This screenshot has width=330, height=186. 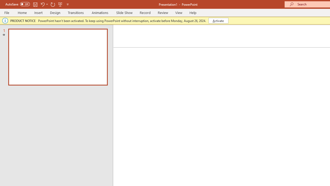 I want to click on 'Home', so click(x=22, y=12).